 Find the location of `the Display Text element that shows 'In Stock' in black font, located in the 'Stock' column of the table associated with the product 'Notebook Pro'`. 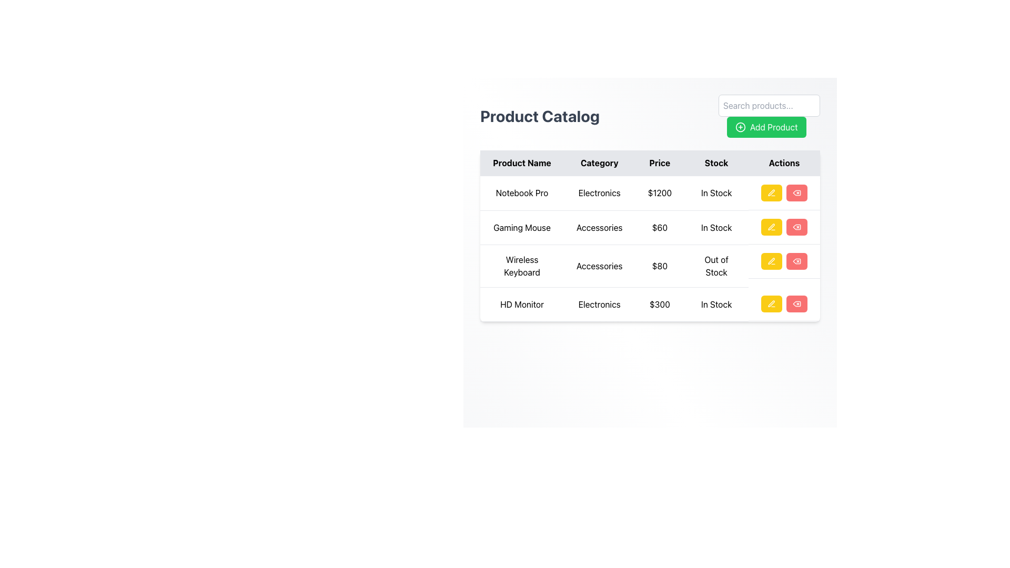

the Display Text element that shows 'In Stock' in black font, located in the 'Stock' column of the table associated with the product 'Notebook Pro' is located at coordinates (716, 193).